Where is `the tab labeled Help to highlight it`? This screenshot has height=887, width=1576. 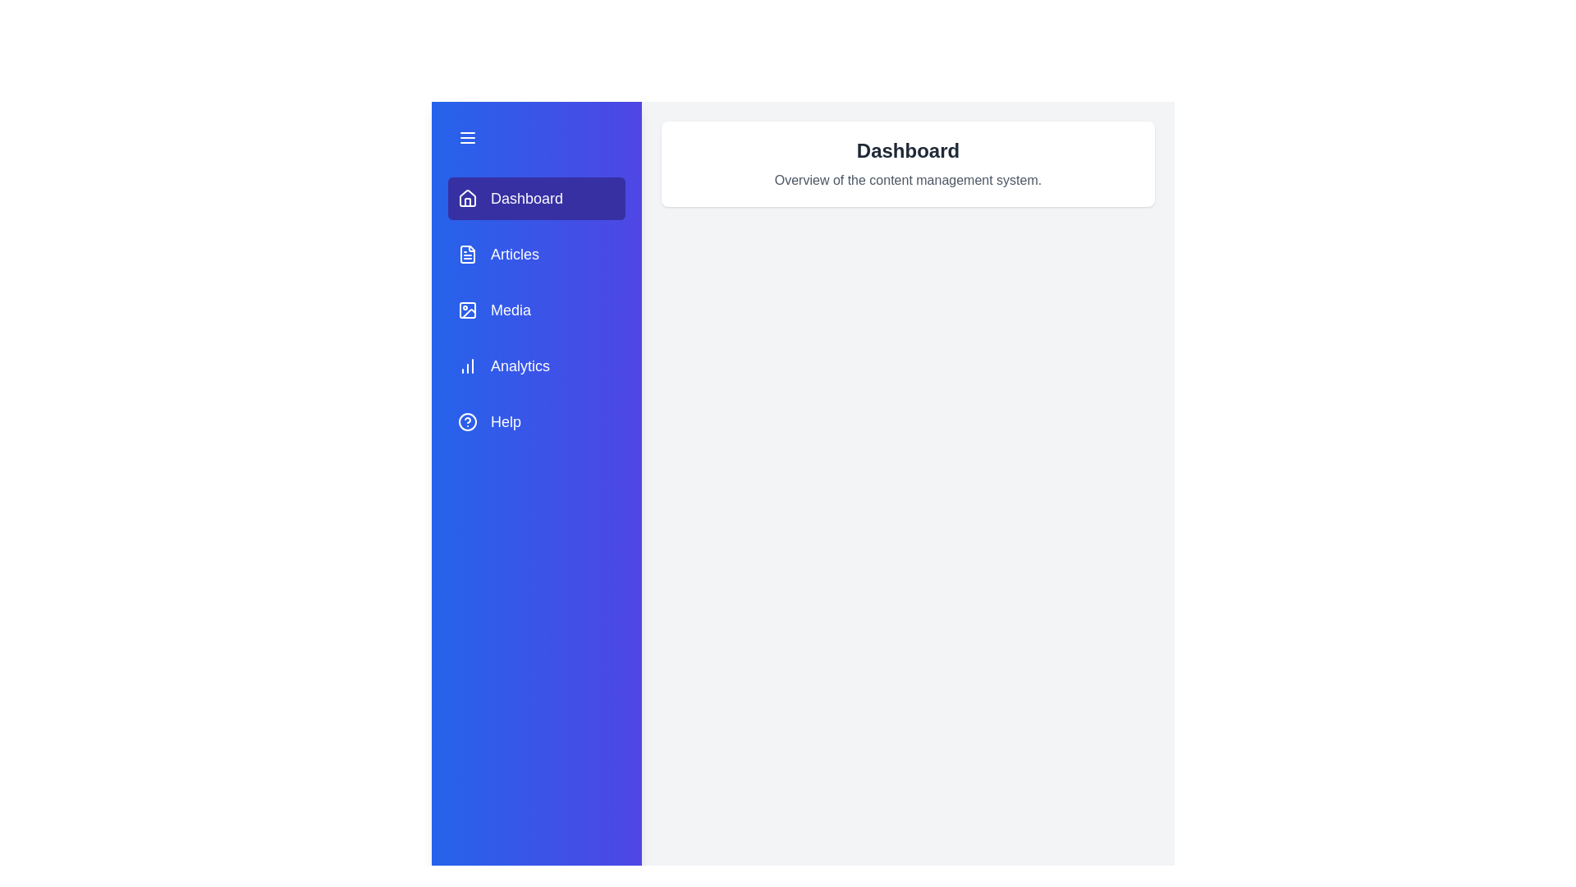 the tab labeled Help to highlight it is located at coordinates (536, 421).